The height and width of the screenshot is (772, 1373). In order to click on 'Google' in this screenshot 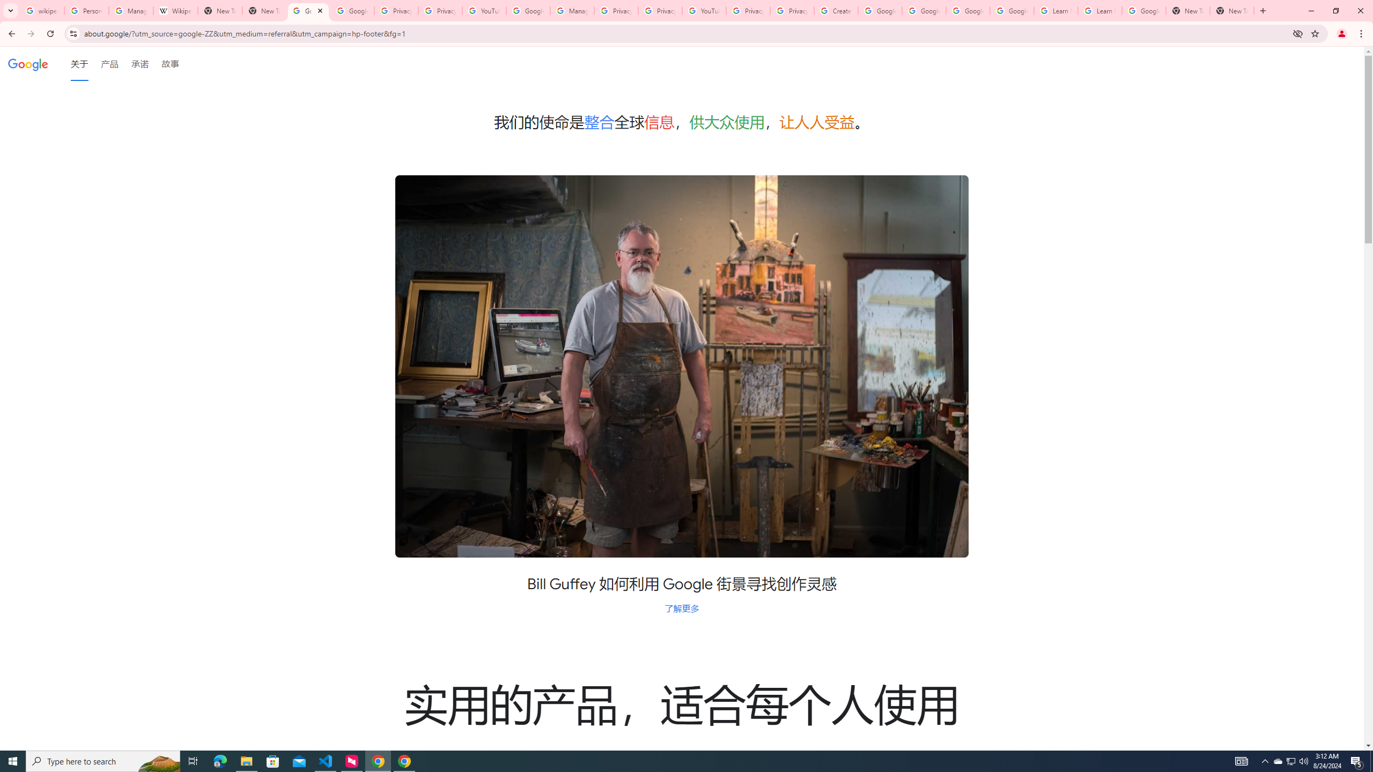, I will do `click(28, 63)`.